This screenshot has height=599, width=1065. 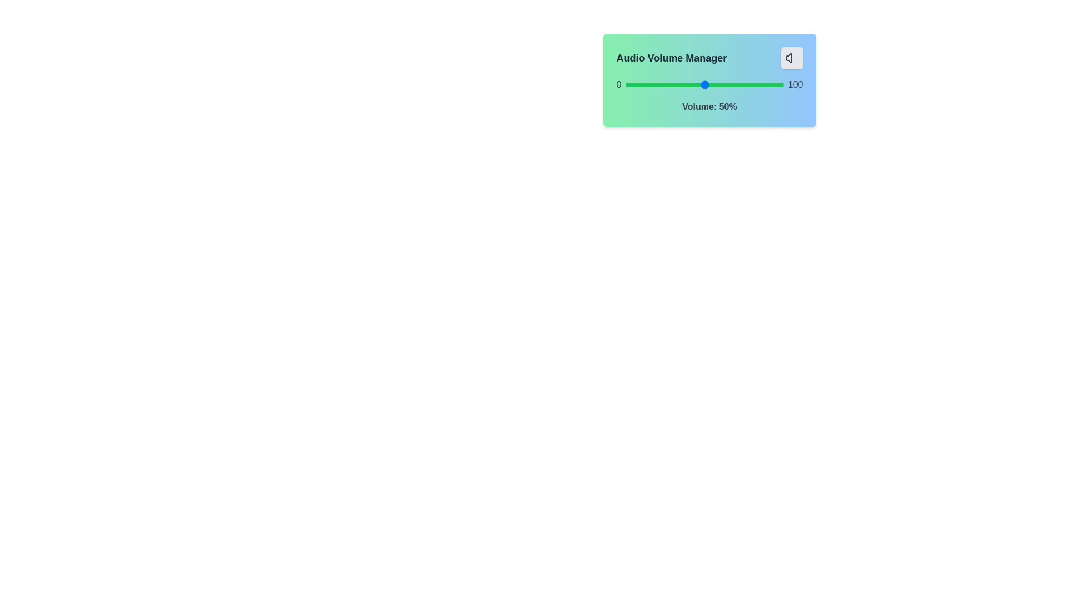 I want to click on the bold and large text label 'Audio Volume Manager', so click(x=671, y=58).